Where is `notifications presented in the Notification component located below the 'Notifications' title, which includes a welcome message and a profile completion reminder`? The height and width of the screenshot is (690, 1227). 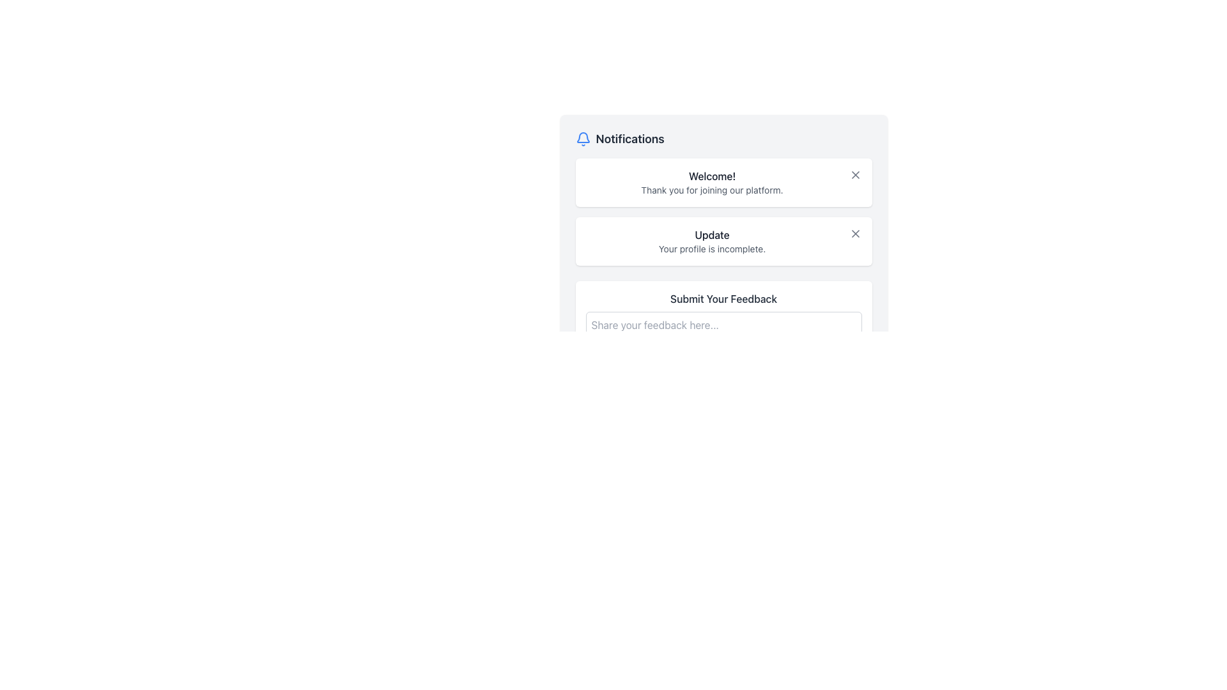
notifications presented in the Notification component located below the 'Notifications' title, which includes a welcome message and a profile completion reminder is located at coordinates (723, 211).